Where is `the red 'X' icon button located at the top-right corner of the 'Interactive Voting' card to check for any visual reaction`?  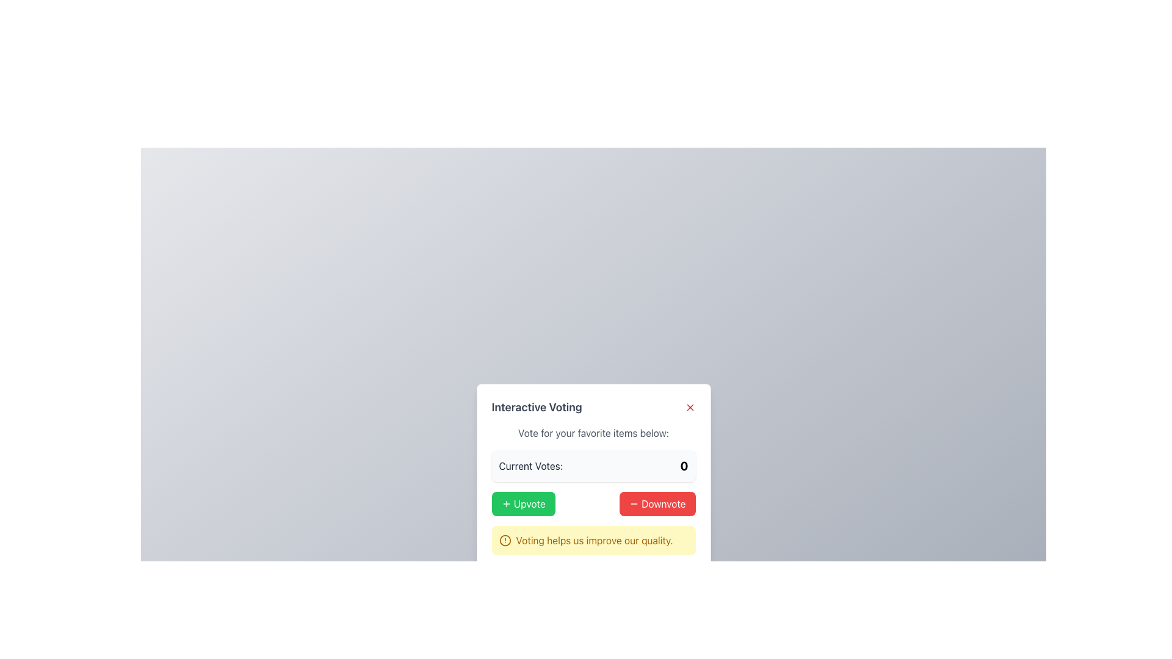
the red 'X' icon button located at the top-right corner of the 'Interactive Voting' card to check for any visual reaction is located at coordinates (690, 407).